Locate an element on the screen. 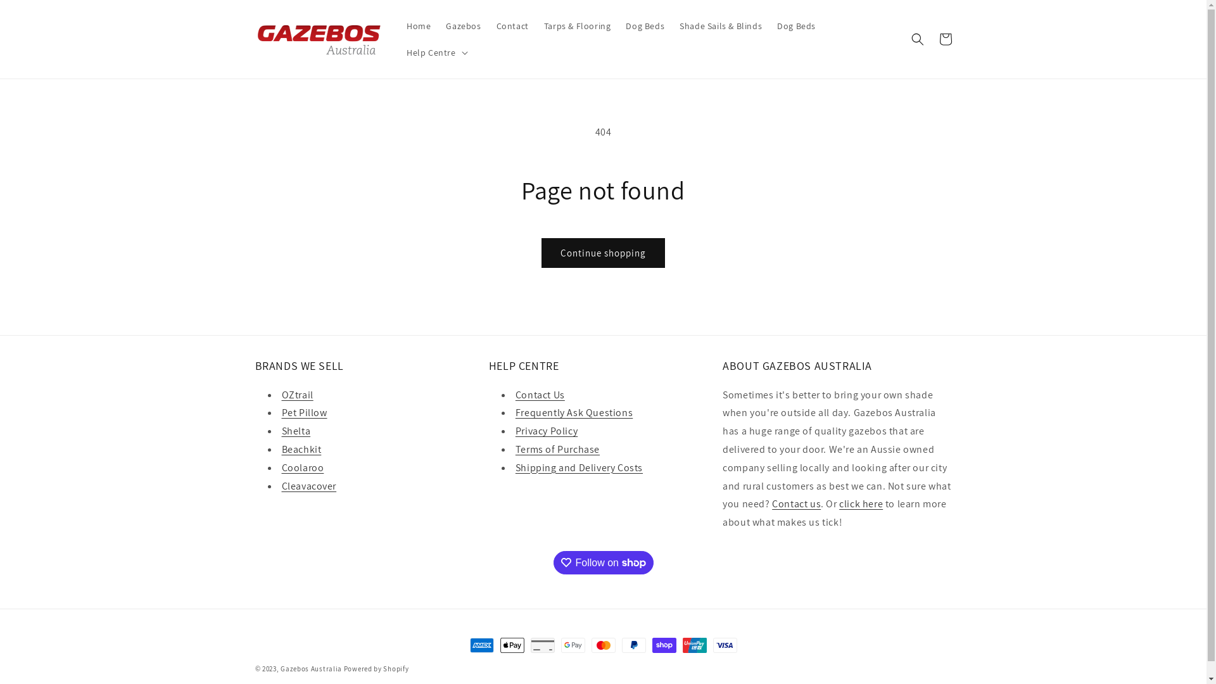 This screenshot has width=1216, height=684. 'Cart' is located at coordinates (930, 38).